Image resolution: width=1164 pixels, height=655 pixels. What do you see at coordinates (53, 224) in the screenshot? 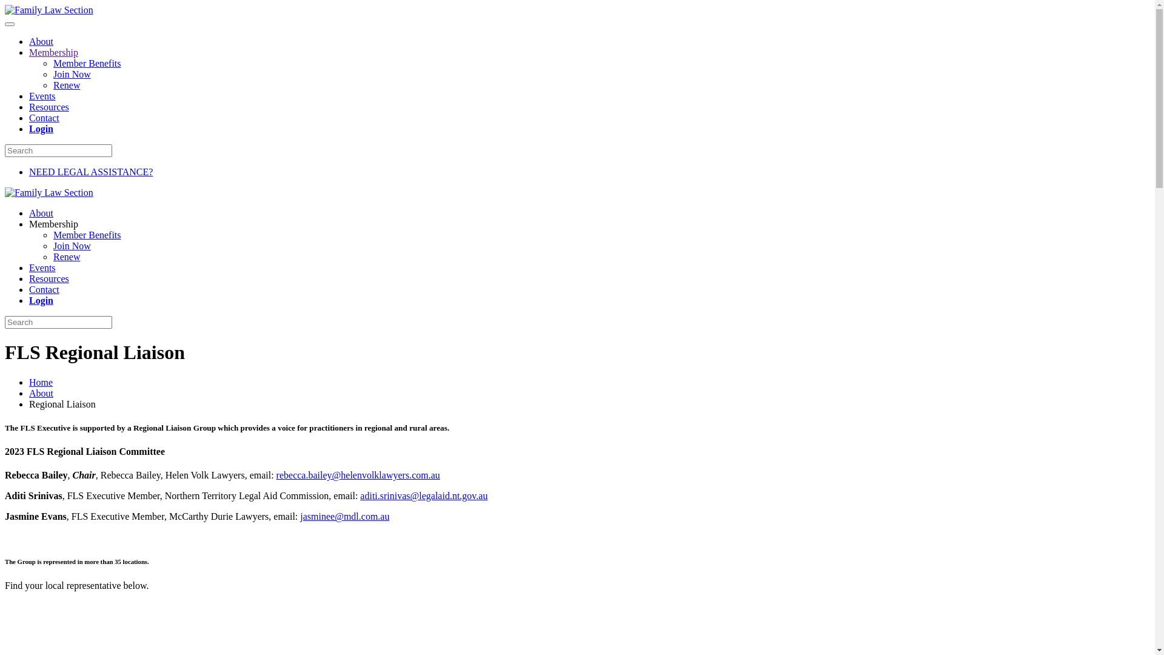
I see `'Membership'` at bounding box center [53, 224].